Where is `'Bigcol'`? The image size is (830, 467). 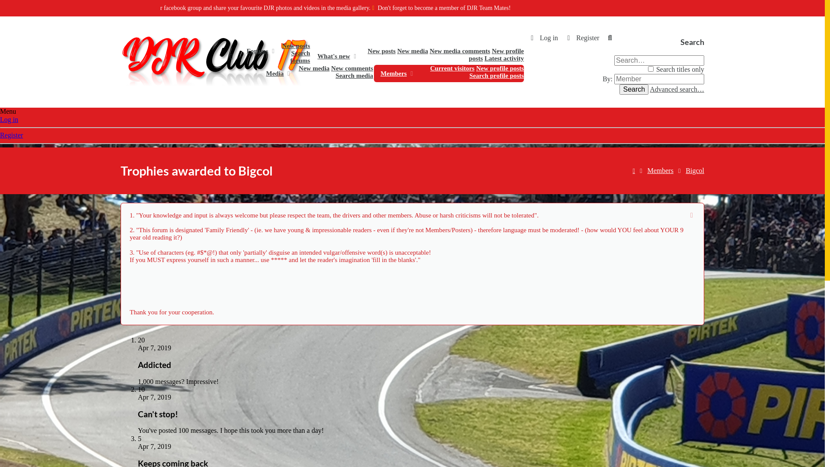 'Bigcol' is located at coordinates (695, 170).